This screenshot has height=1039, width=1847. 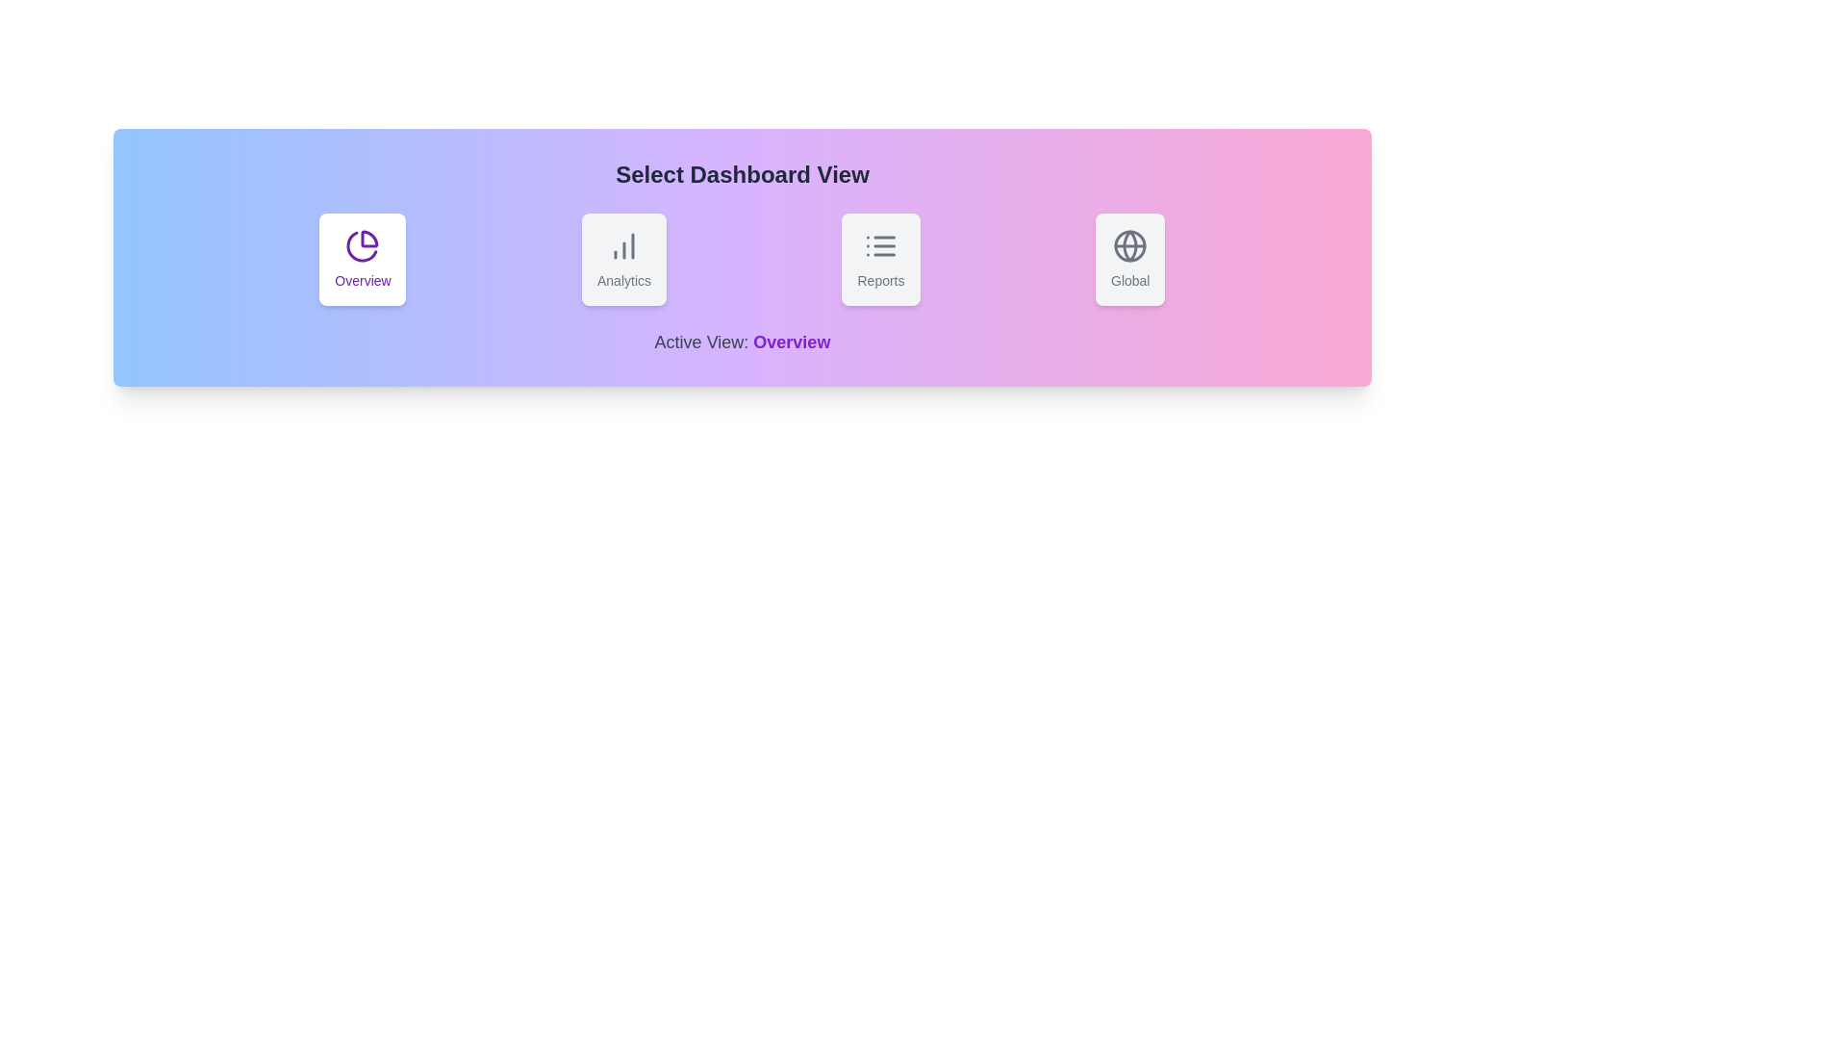 I want to click on the button labeled 'Global' to observe the hover effect, so click(x=1130, y=260).